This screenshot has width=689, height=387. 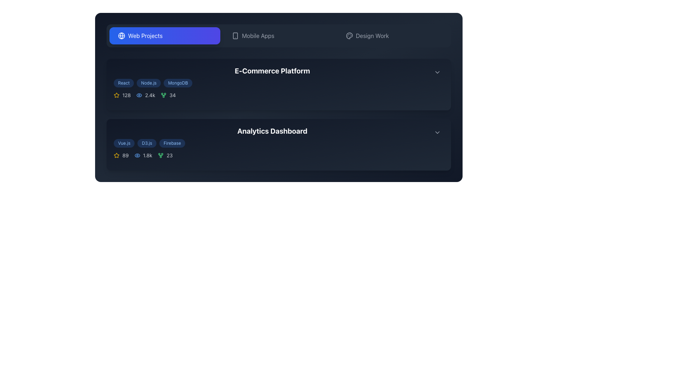 I want to click on the 'Firebase' text label, which is a rounded rectangular tag with a blue background and light blue text, so click(x=172, y=143).